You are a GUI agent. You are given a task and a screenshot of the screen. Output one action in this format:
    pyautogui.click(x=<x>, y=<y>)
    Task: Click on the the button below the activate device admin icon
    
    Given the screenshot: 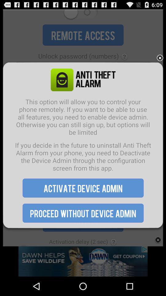 What is the action you would take?
    pyautogui.click(x=83, y=213)
    